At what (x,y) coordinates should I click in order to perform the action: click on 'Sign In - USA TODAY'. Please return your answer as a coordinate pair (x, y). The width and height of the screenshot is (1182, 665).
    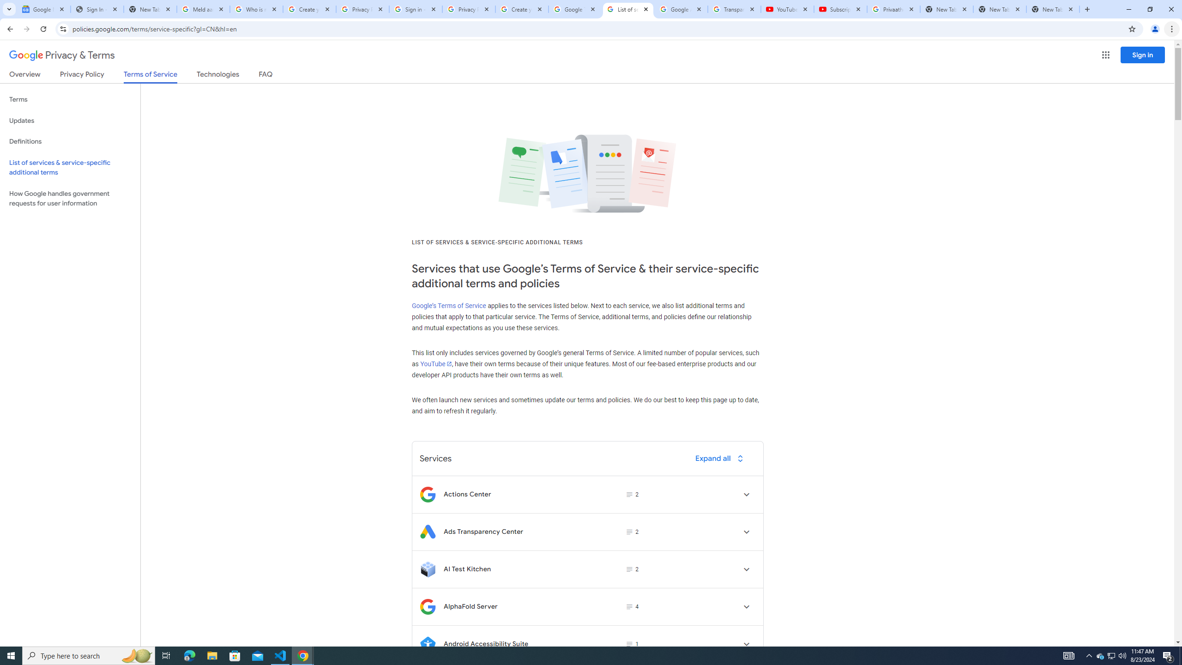
    Looking at the image, I should click on (96, 9).